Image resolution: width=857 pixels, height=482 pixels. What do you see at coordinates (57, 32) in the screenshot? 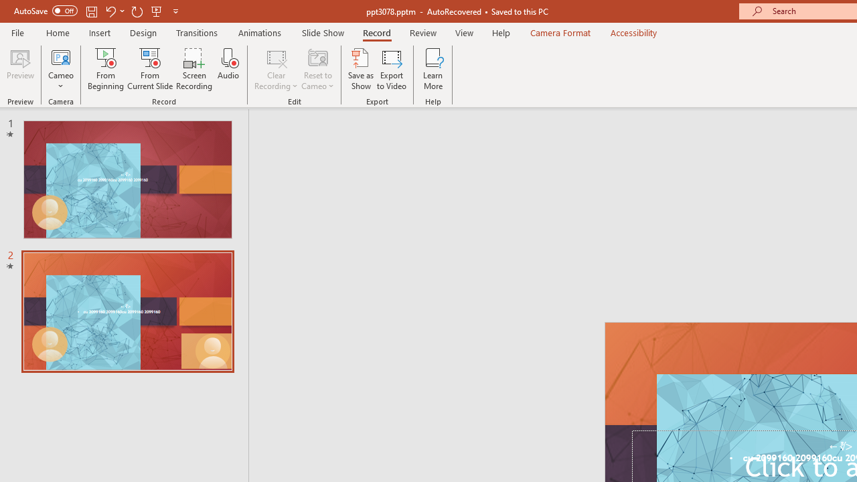
I see `'Home'` at bounding box center [57, 32].